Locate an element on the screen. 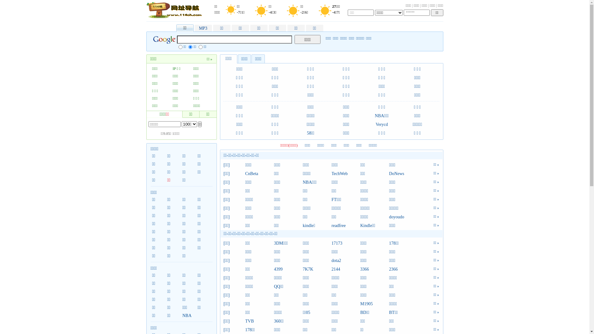  'CnBeta' is located at coordinates (259, 174).